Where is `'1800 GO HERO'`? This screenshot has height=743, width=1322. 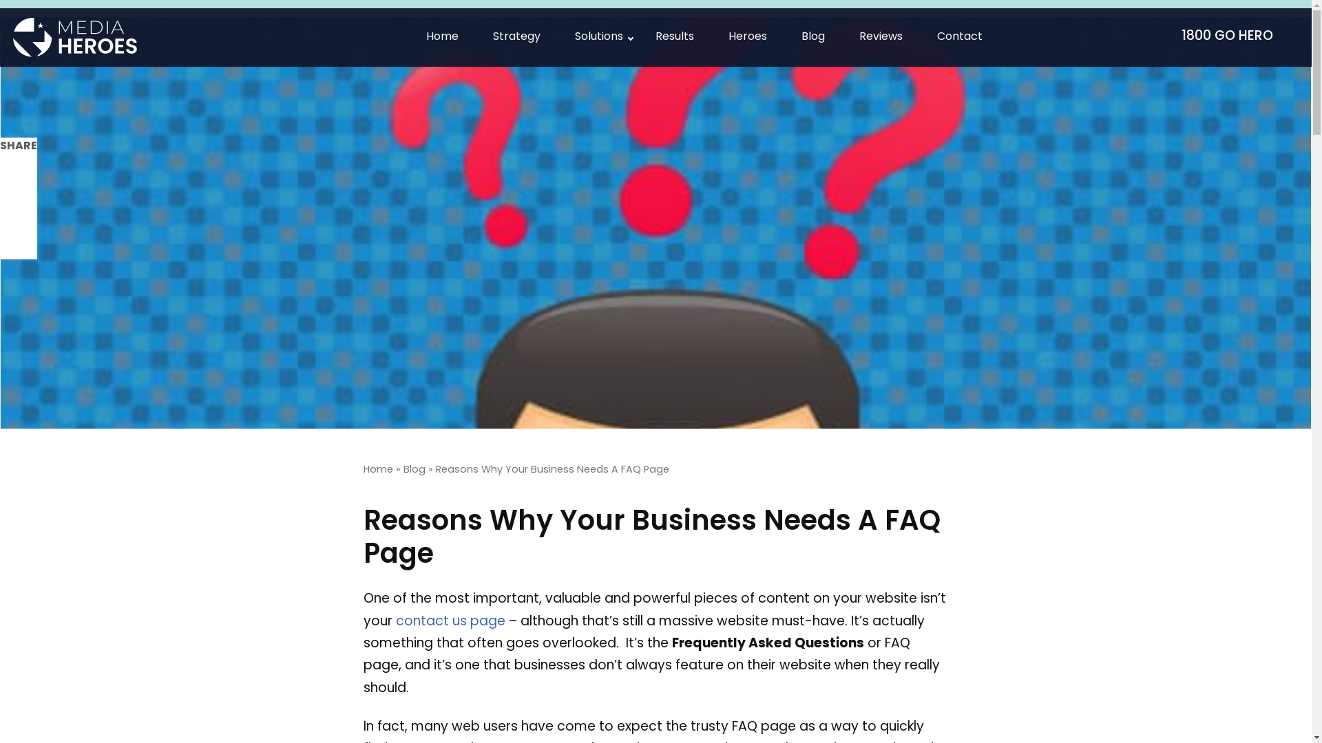
'1800 GO HERO' is located at coordinates (1232, 36).